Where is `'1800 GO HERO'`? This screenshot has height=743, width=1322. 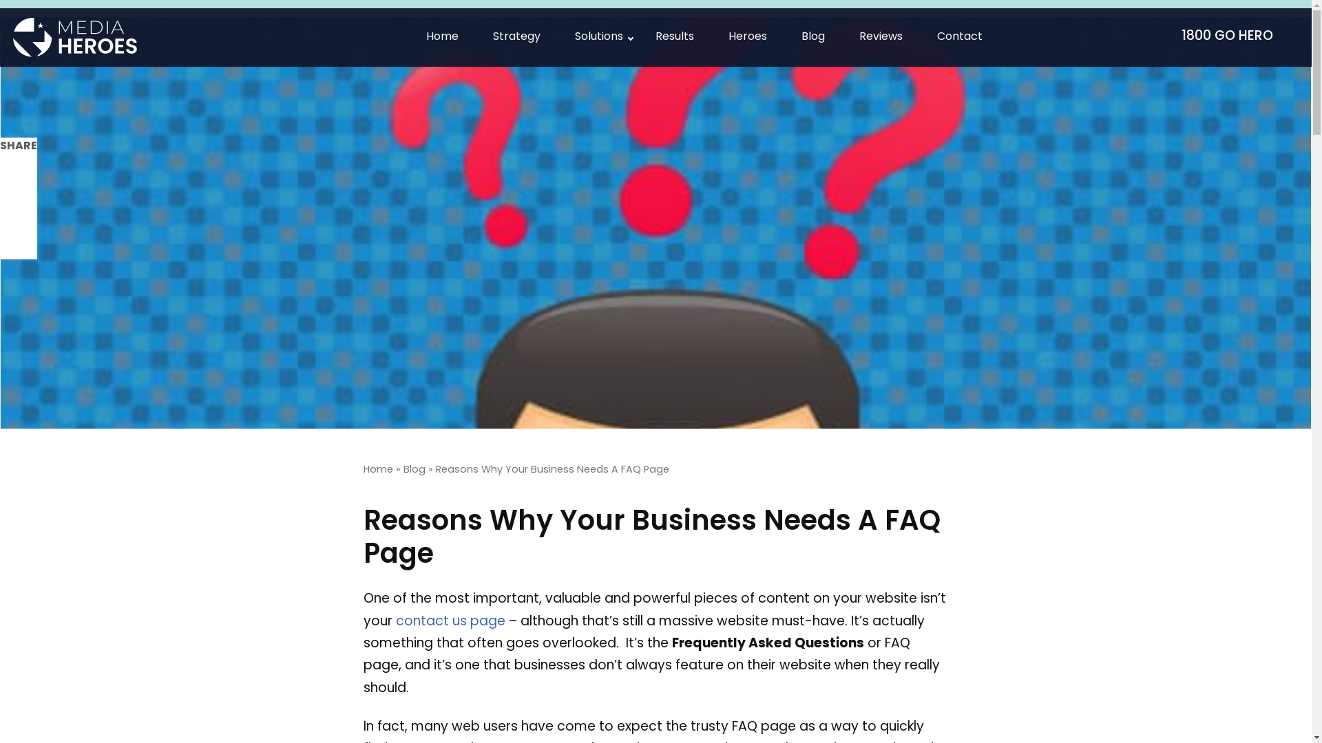
'1800 GO HERO' is located at coordinates (1232, 36).